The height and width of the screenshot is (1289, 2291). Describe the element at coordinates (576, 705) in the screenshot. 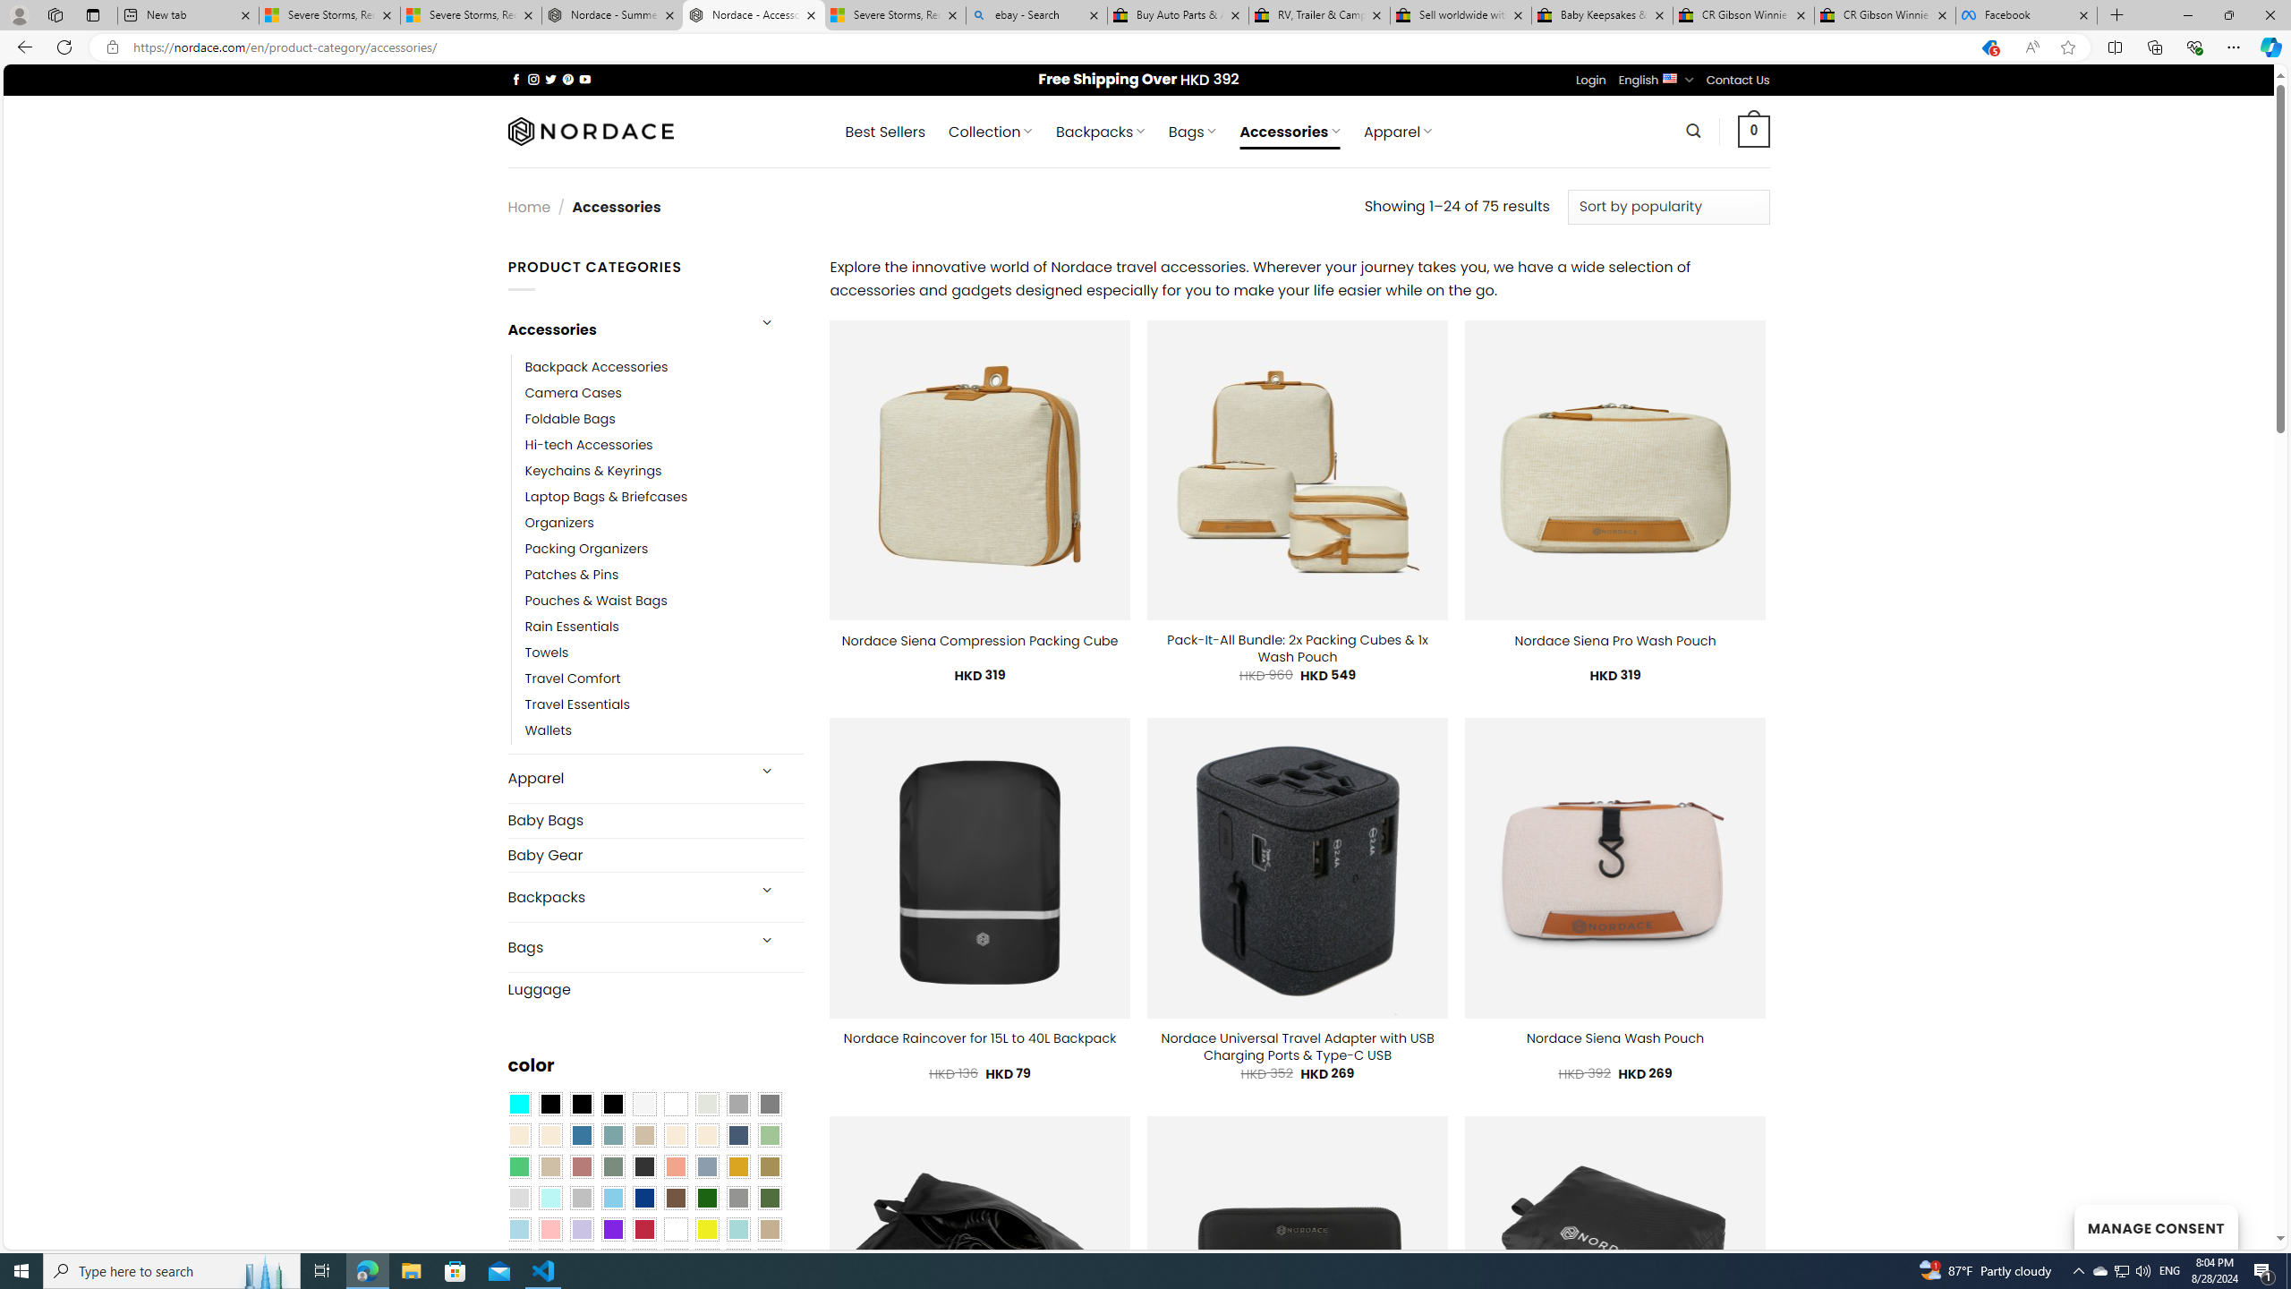

I see `'Travel Essentials'` at that location.